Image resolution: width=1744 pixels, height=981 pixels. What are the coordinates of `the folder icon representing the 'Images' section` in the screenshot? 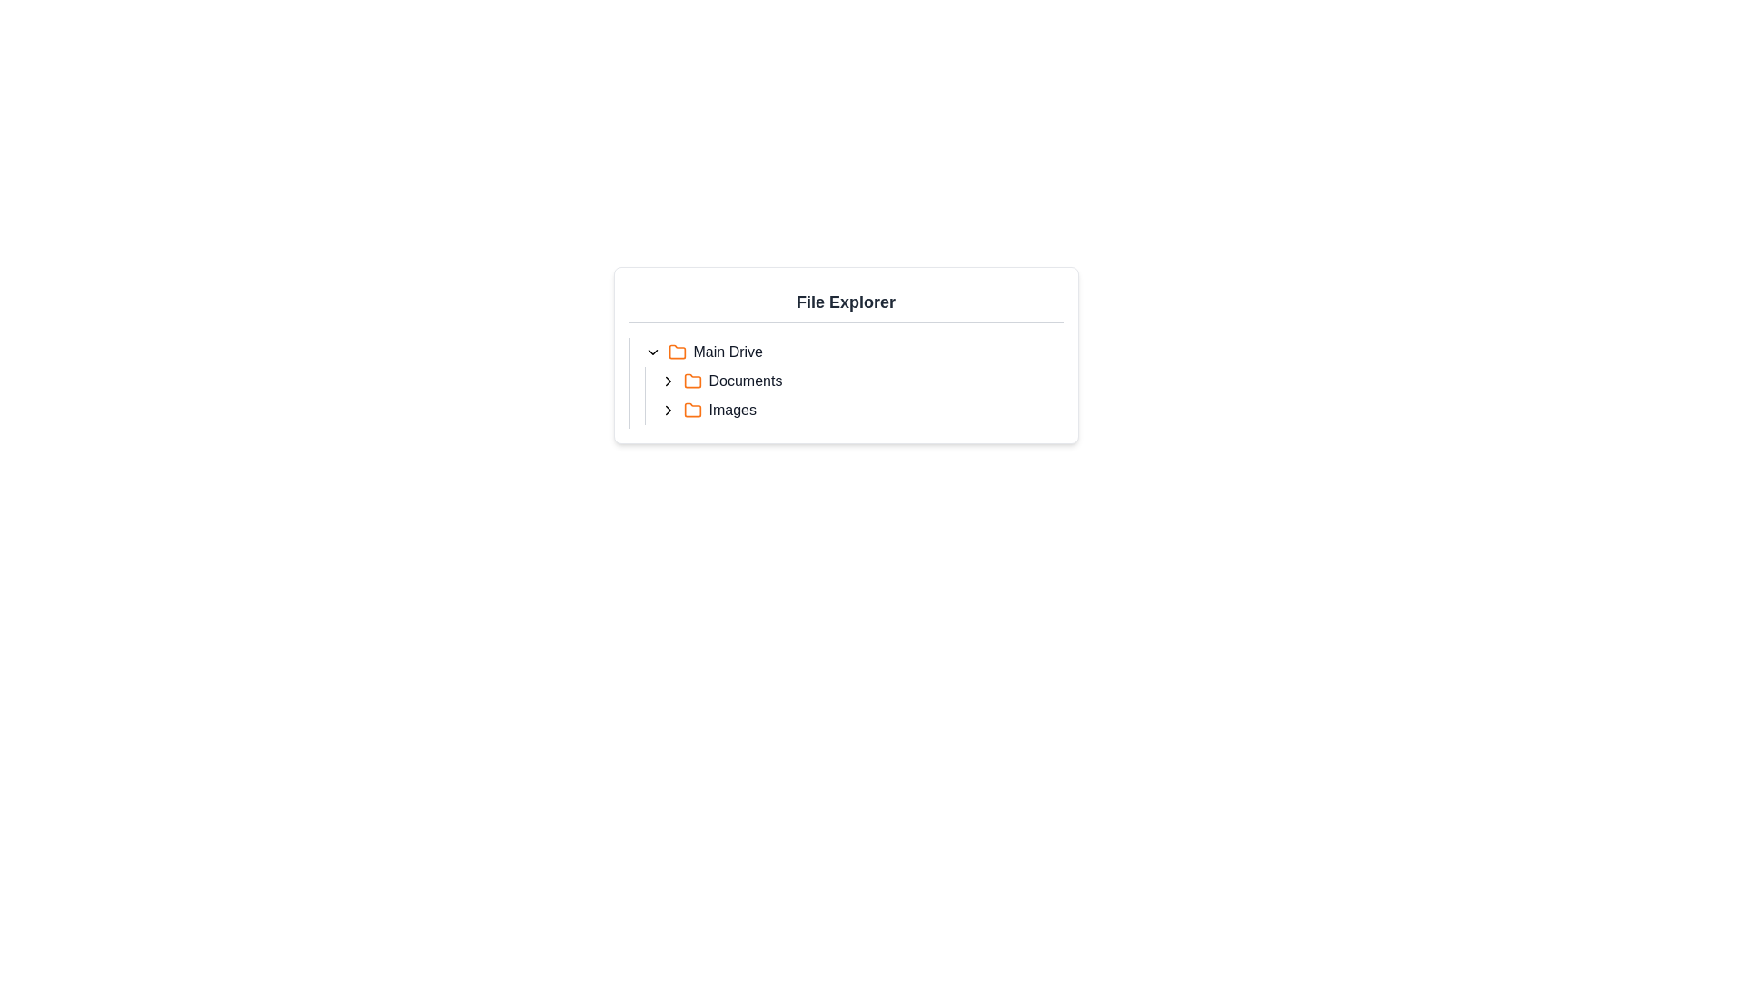 It's located at (691, 410).